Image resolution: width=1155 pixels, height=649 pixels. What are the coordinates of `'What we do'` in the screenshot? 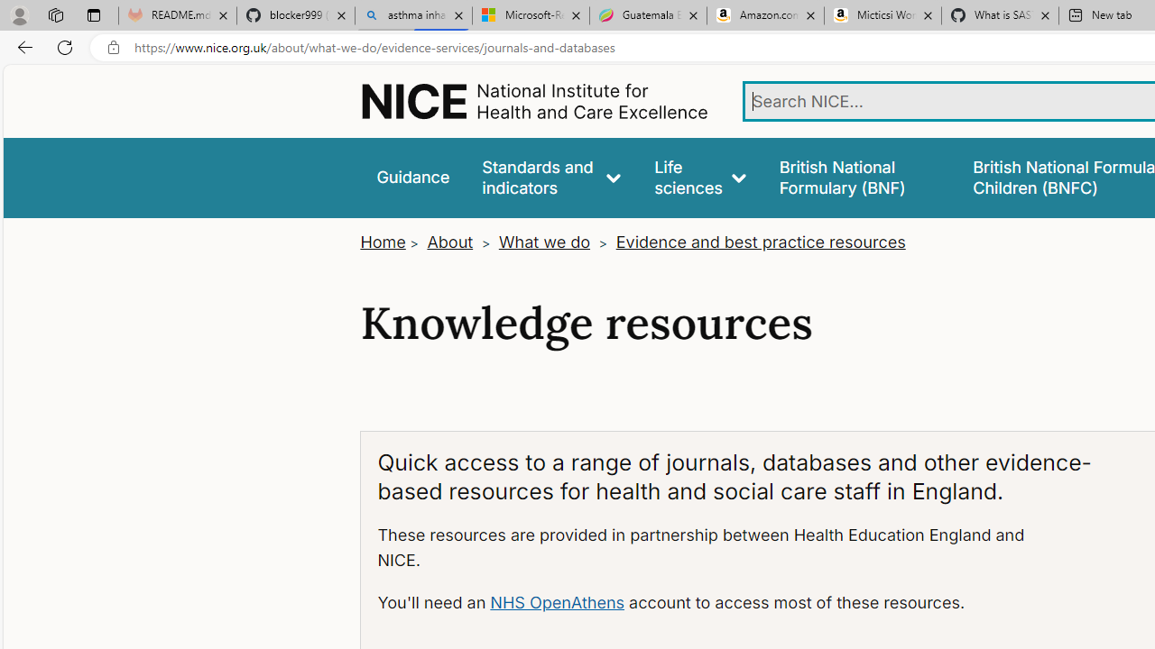 It's located at (543, 241).